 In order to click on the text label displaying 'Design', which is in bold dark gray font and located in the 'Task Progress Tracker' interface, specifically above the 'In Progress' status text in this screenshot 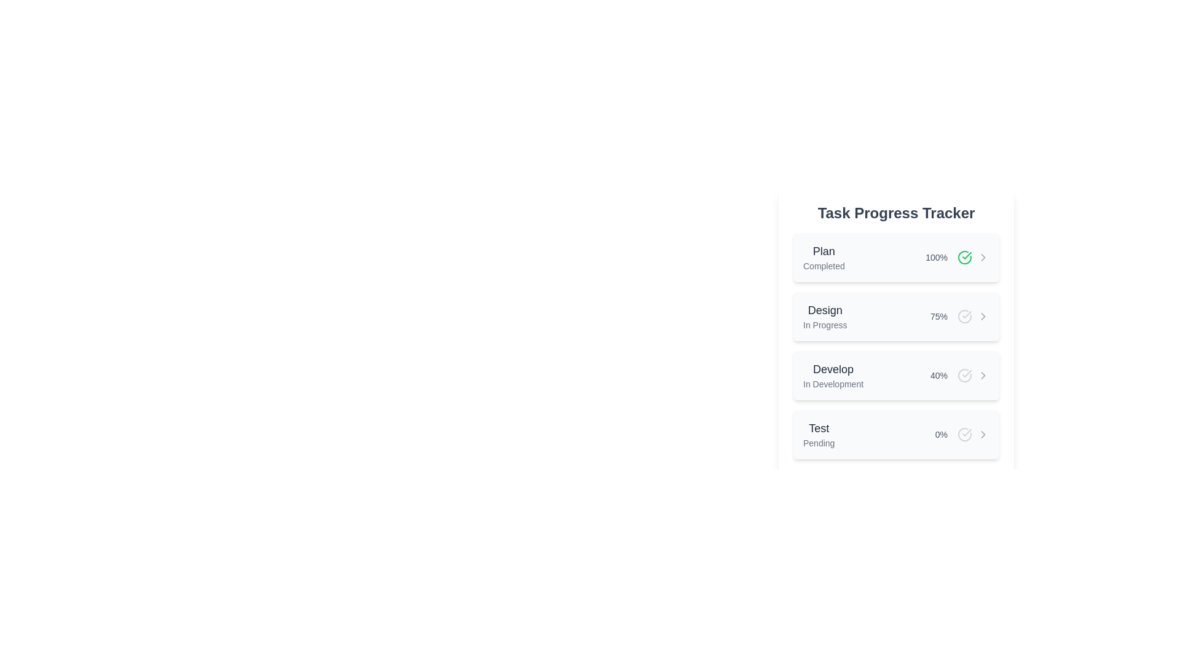, I will do `click(825, 310)`.